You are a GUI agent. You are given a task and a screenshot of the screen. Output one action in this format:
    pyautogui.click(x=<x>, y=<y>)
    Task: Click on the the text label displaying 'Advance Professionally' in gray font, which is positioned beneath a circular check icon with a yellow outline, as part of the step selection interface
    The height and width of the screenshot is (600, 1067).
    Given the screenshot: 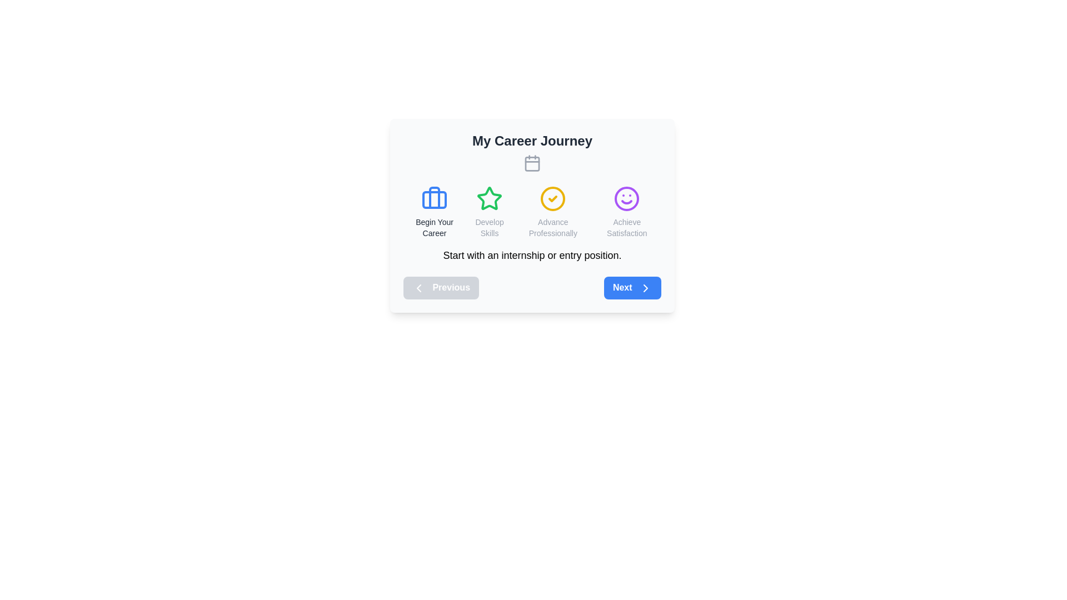 What is the action you would take?
    pyautogui.click(x=553, y=227)
    